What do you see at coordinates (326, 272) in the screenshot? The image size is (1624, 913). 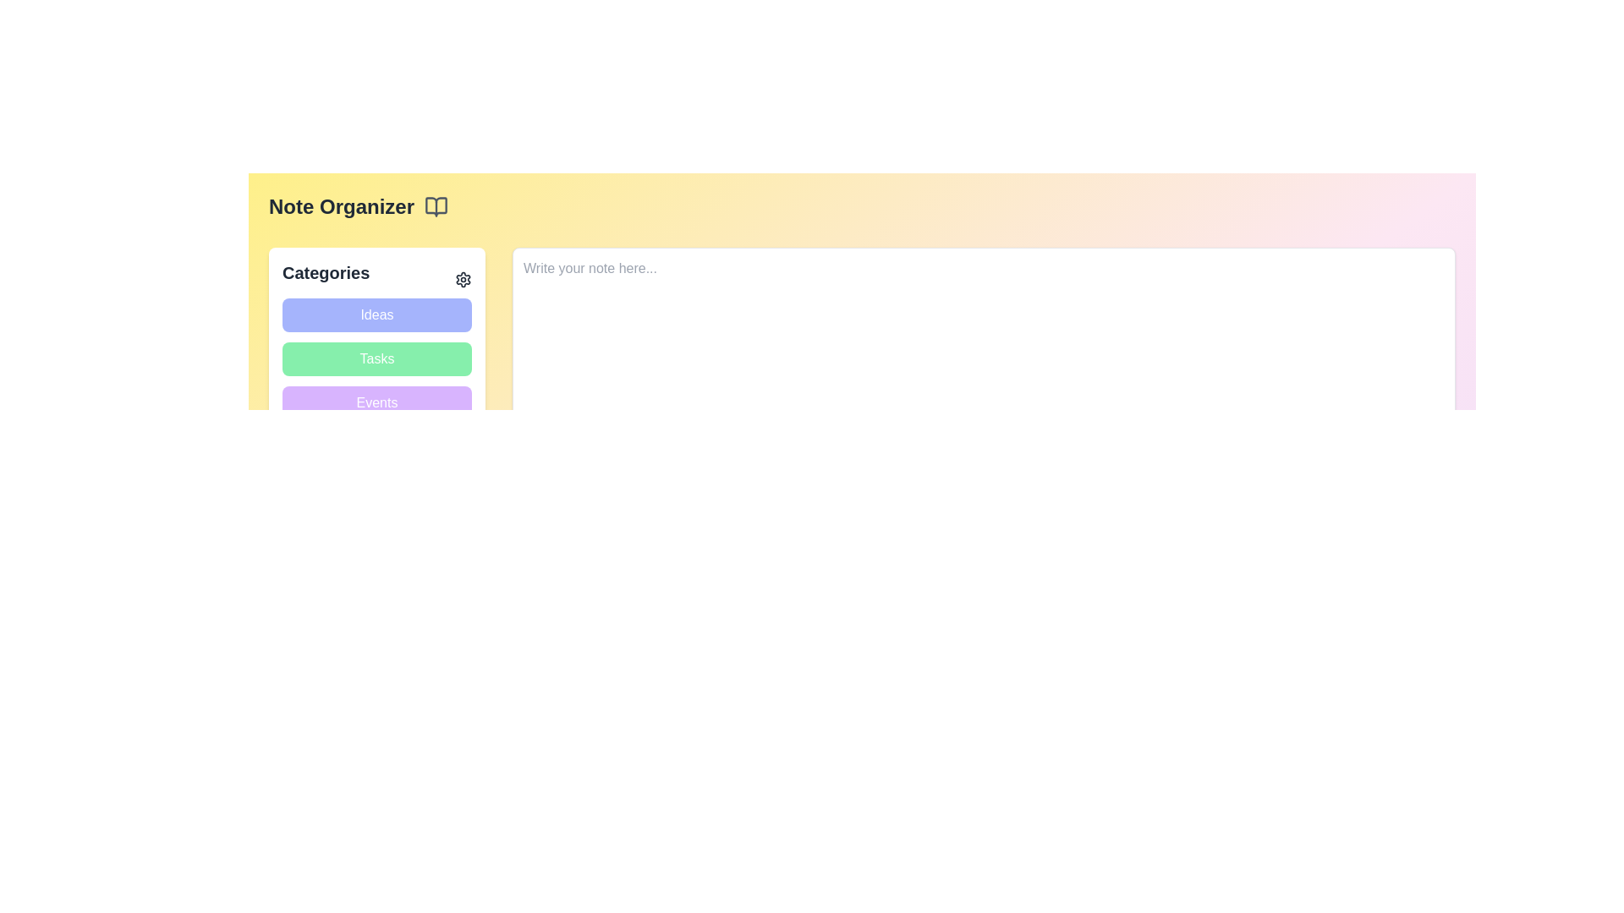 I see `text from the Text Label that serves to title the section, located to the left of a small interactive gear icon button` at bounding box center [326, 272].